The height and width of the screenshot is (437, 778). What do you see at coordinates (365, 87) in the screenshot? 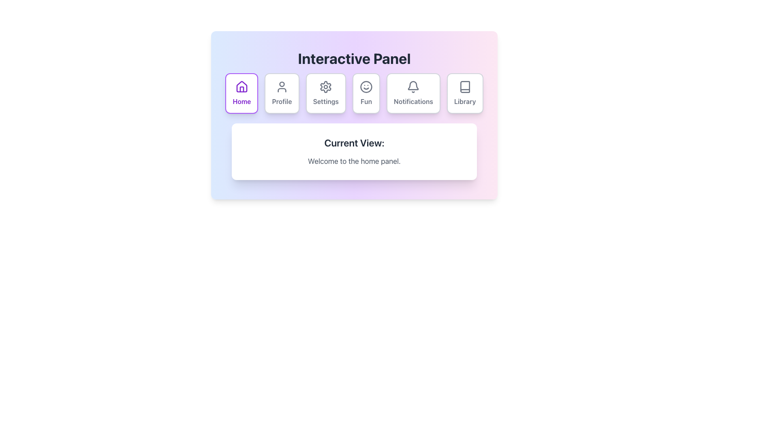
I see `the circular outline element within the 'Fun' button, which is part of a smiley face icon located in the navigation panel` at bounding box center [365, 87].